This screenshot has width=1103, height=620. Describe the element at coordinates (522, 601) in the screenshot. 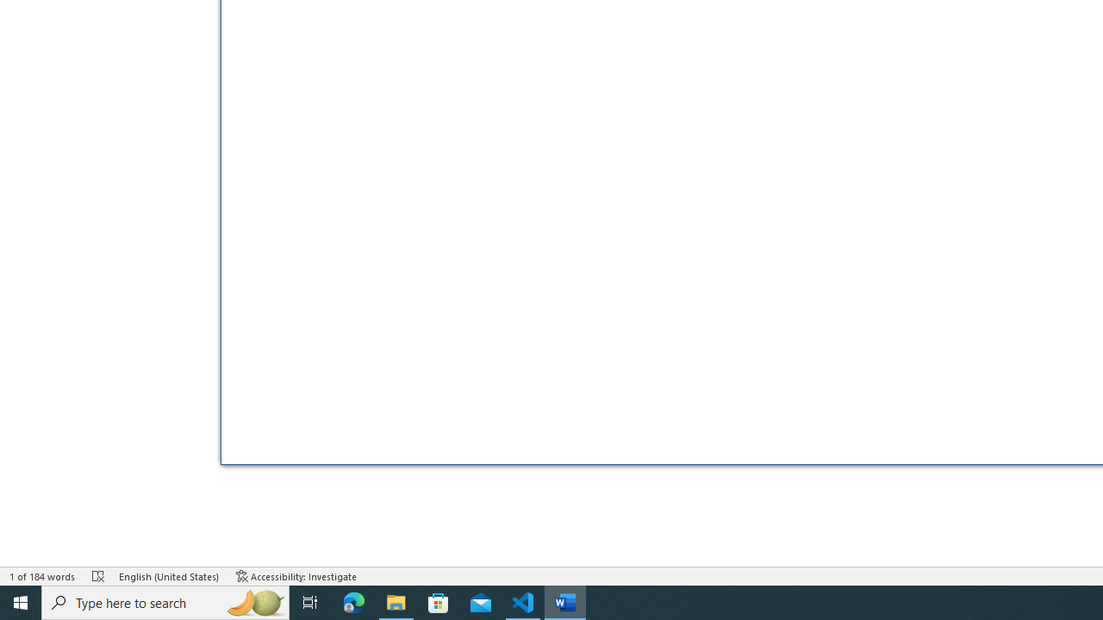

I see `'Visual Studio Code - 1 running window'` at that location.